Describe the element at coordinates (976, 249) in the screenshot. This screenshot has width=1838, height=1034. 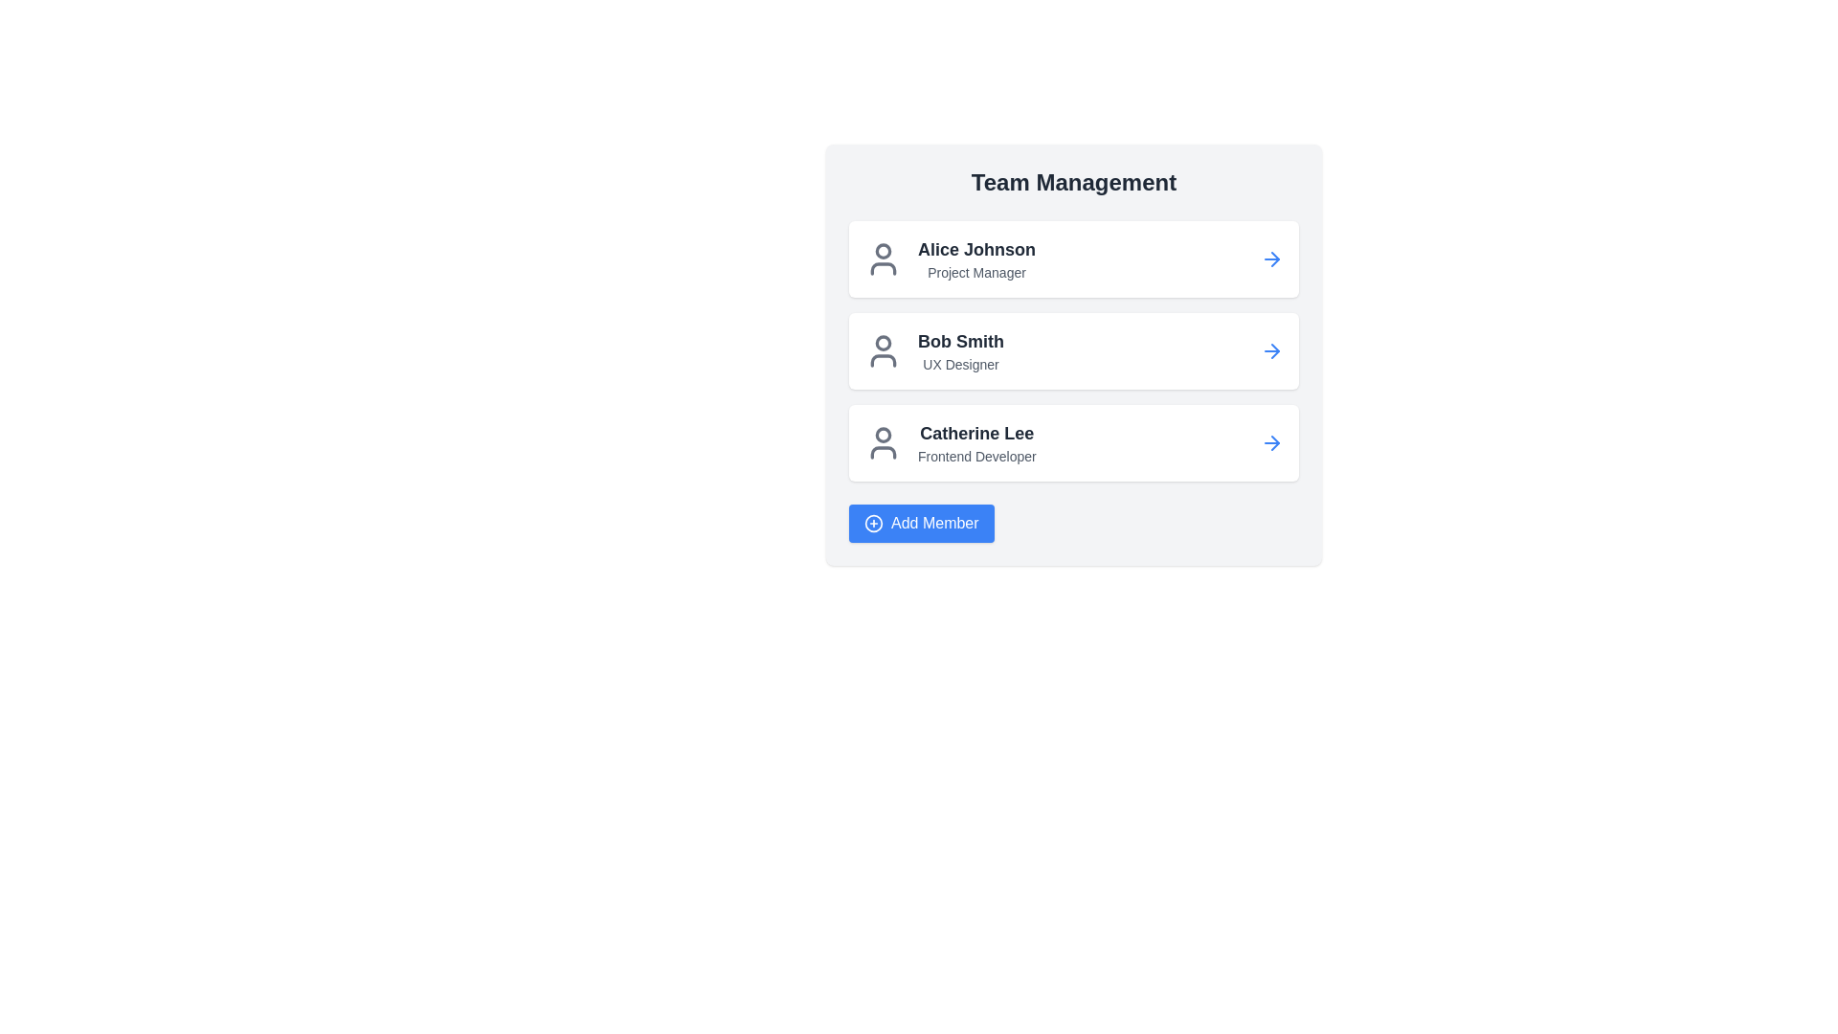
I see `the text label 'Alice Johnson' at the top-left corner of the first card in a vertical list for any associated event` at that location.